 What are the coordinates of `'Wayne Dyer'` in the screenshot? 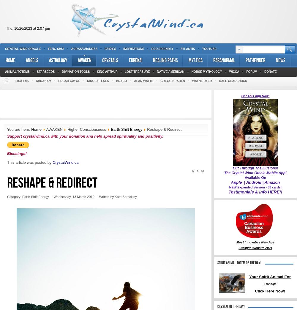 It's located at (202, 81).